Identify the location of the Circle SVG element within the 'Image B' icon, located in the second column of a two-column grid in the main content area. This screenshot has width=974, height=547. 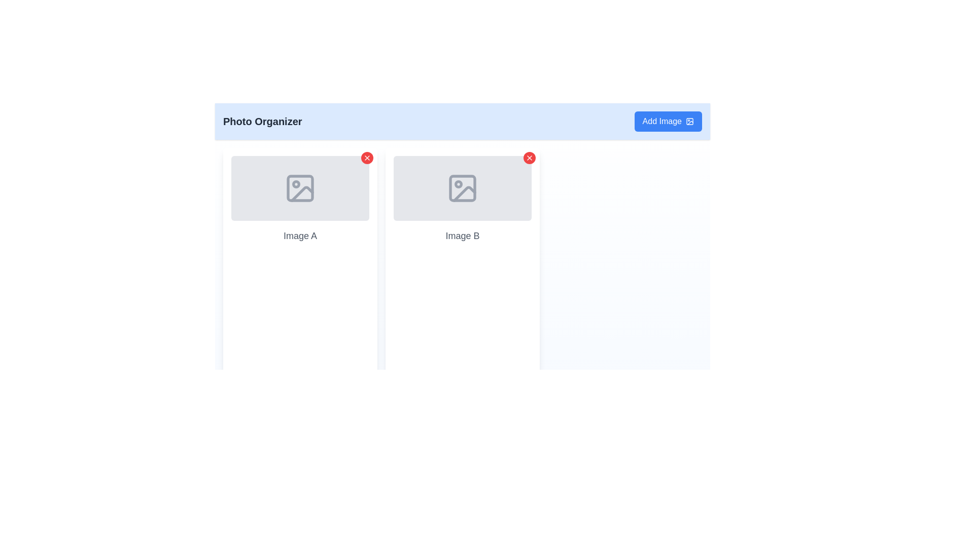
(458, 184).